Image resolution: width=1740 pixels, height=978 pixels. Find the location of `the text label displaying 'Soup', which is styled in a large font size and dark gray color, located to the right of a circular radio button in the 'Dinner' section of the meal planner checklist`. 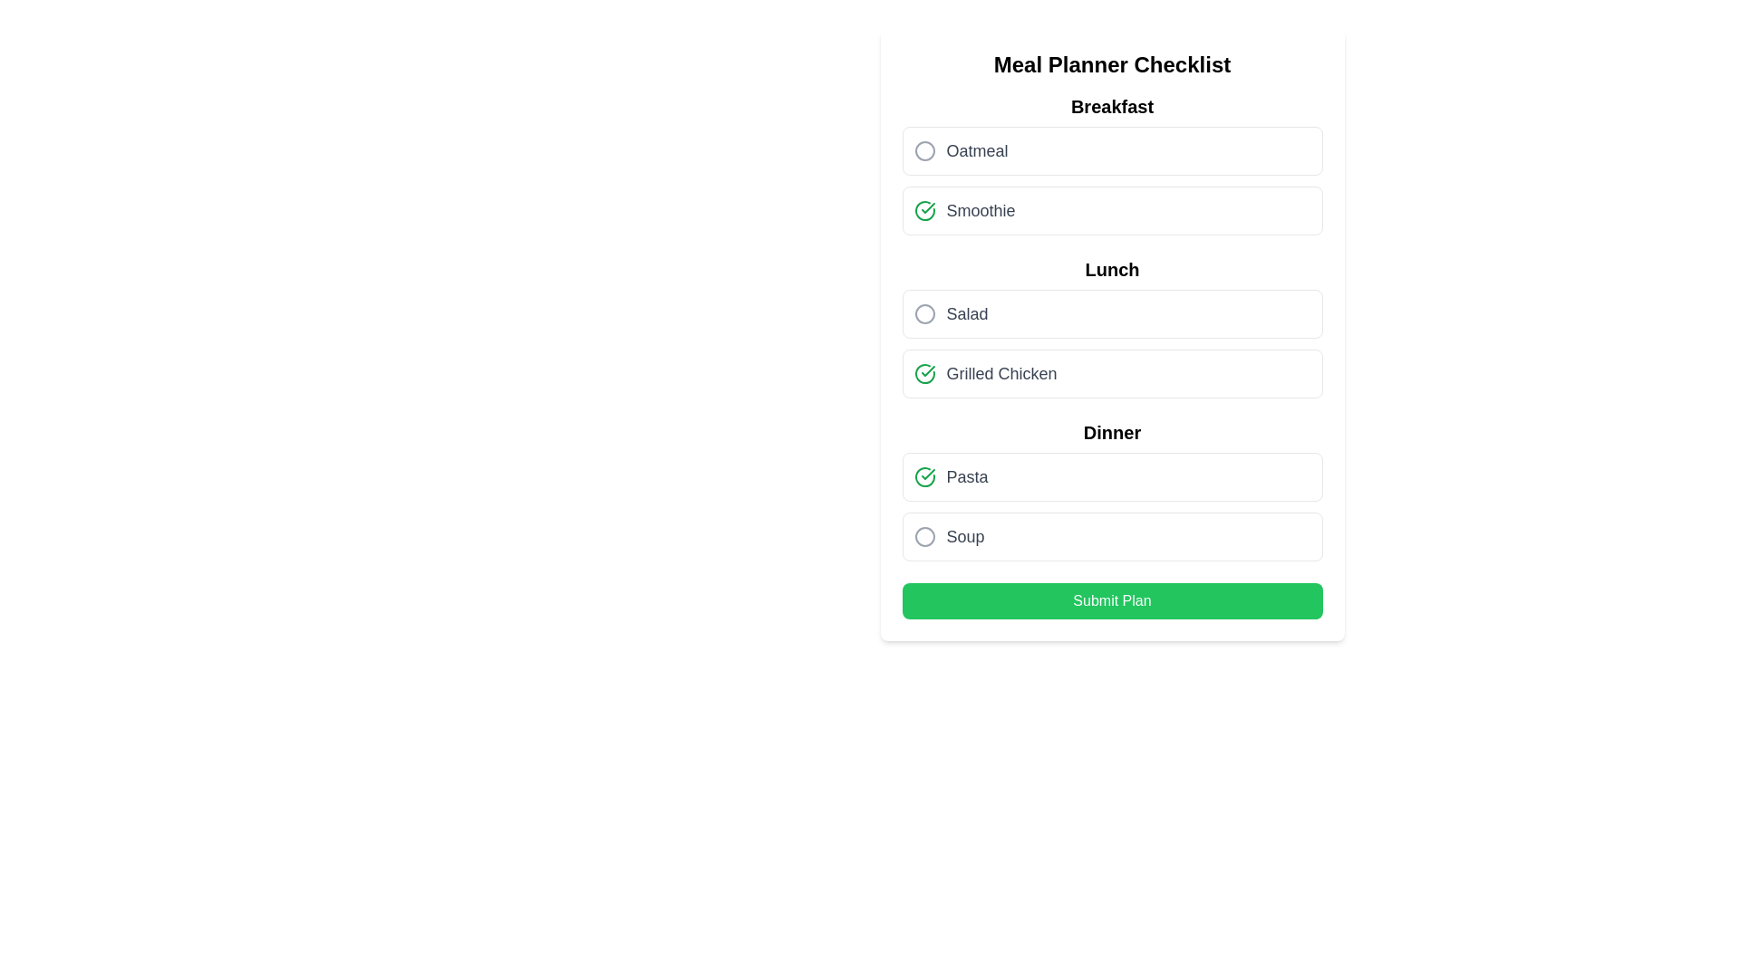

the text label displaying 'Soup', which is styled in a large font size and dark gray color, located to the right of a circular radio button in the 'Dinner' section of the meal planner checklist is located at coordinates (964, 536).